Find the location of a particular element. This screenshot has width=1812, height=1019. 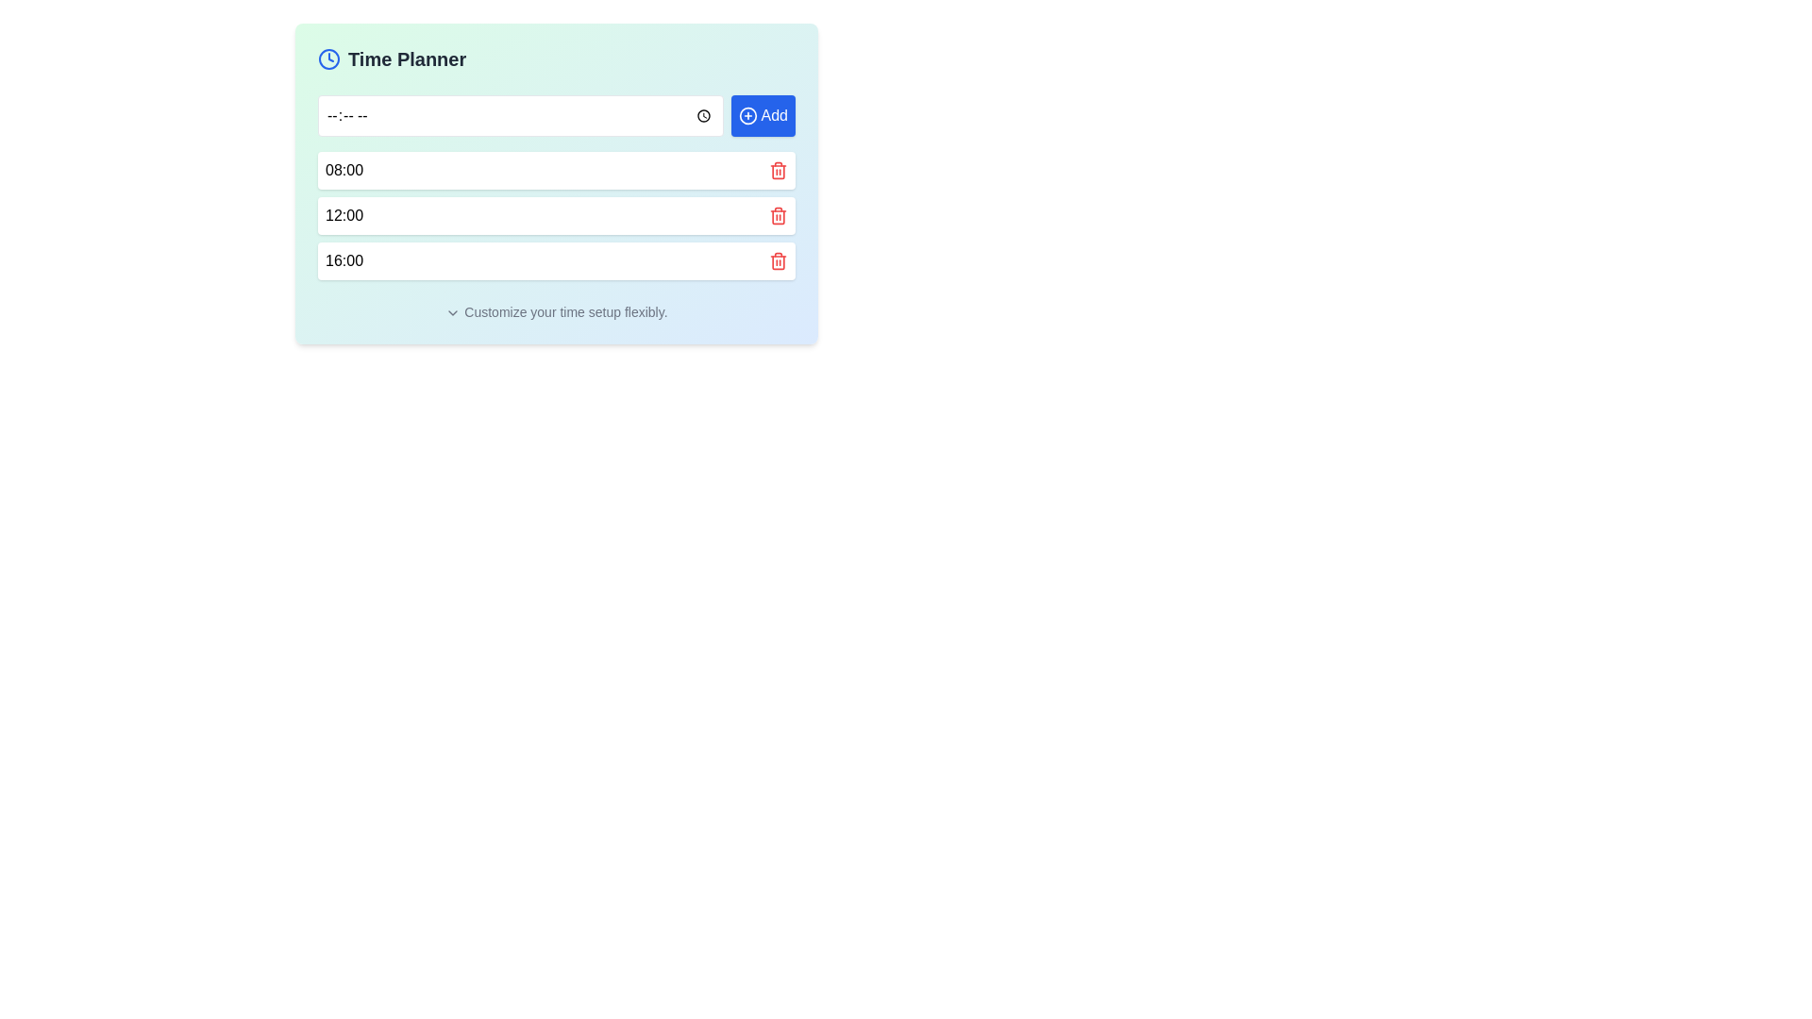

the SVG Circle Element that serves as the visual border for the clock icon in the 'Time Planner' interface, located at the top-left of the interface is located at coordinates (329, 58).